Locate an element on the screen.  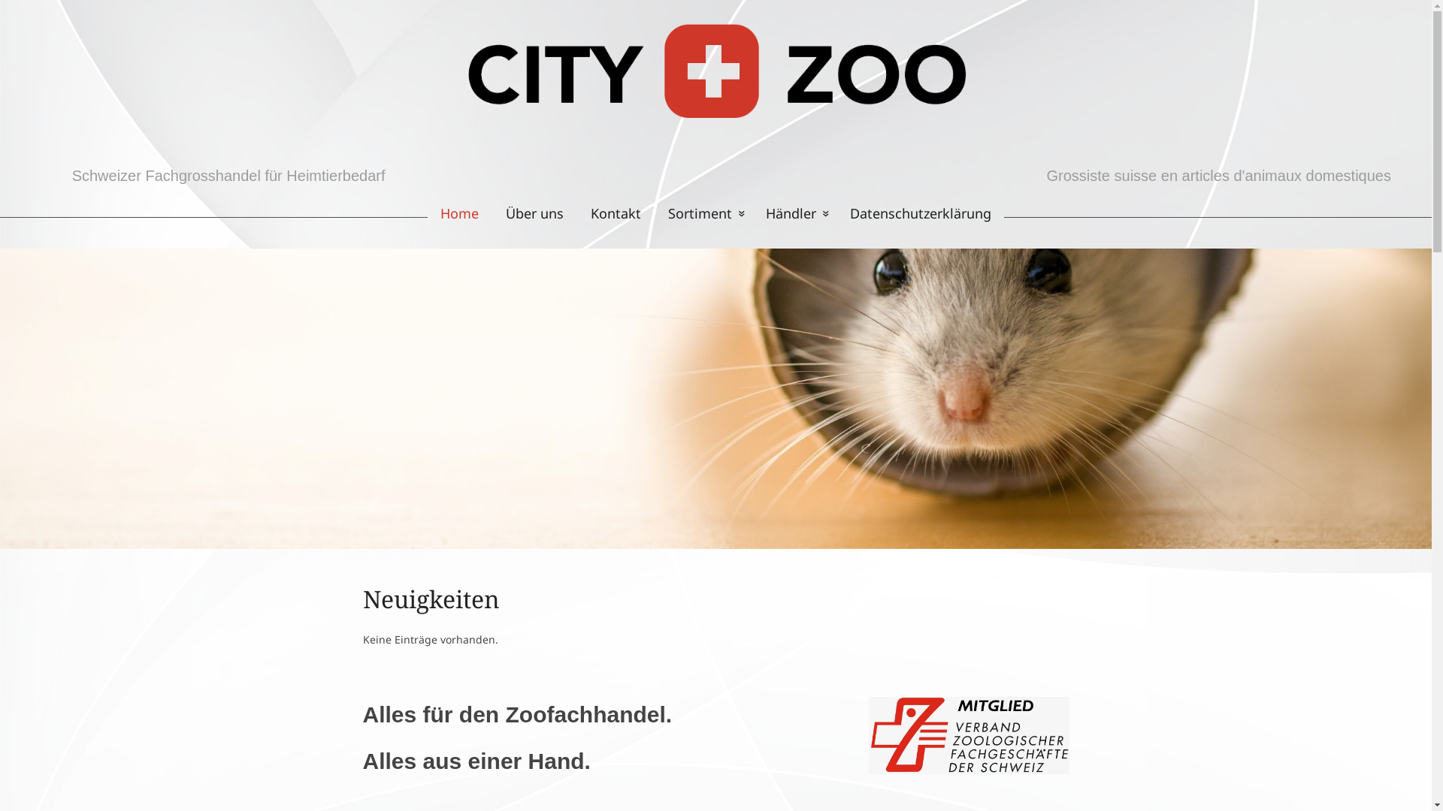
'Sortiment' is located at coordinates (703, 213).